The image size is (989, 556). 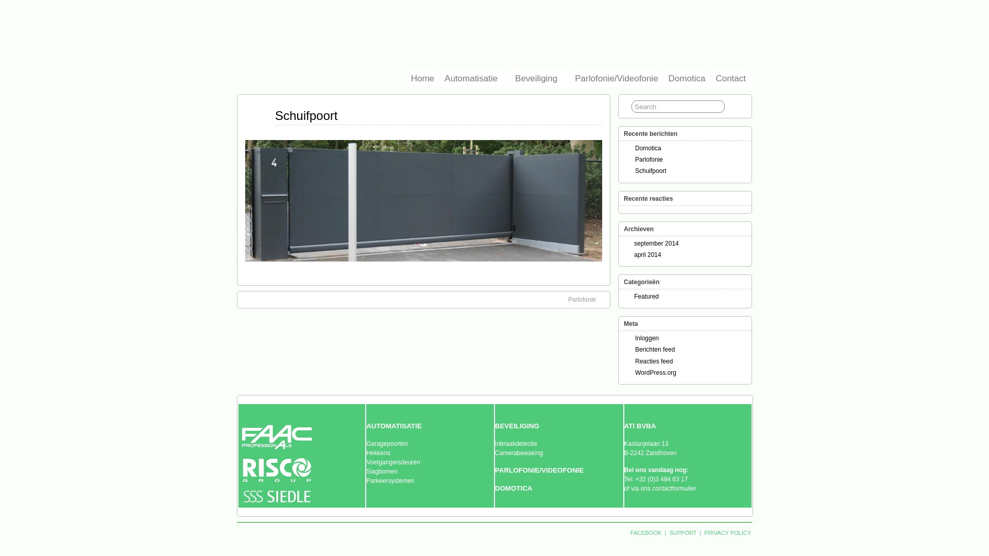 I want to click on 'Contact', so click(x=730, y=77).